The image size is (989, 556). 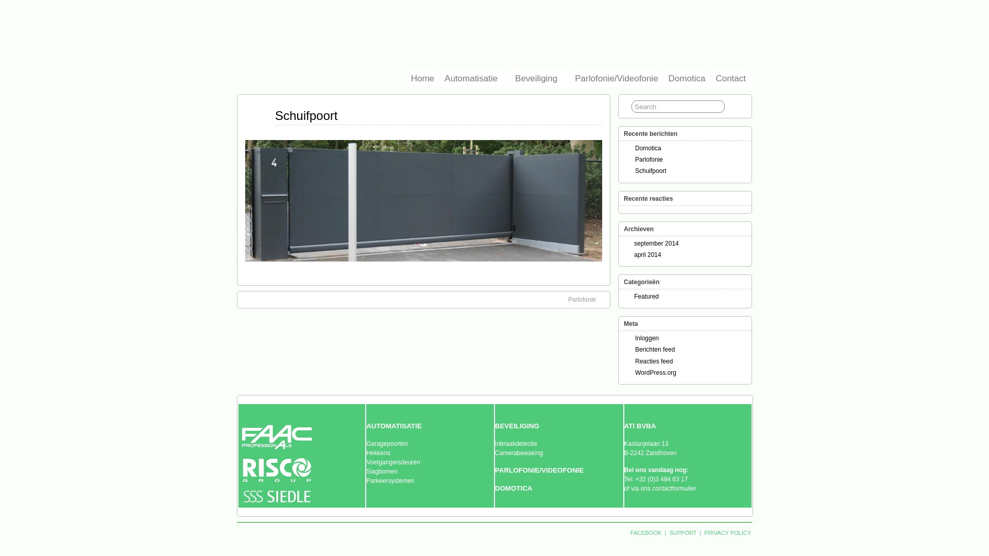 I want to click on 'Contact', so click(x=730, y=77).